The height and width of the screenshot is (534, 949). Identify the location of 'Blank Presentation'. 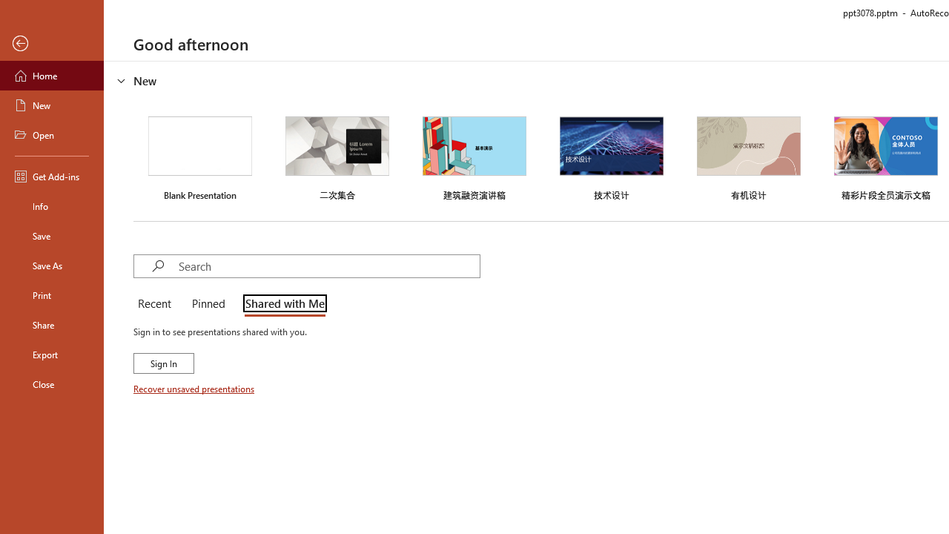
(199, 156).